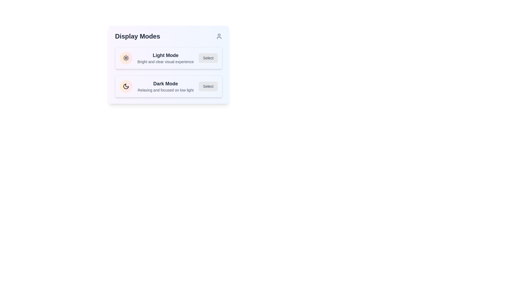 The width and height of the screenshot is (515, 289). What do you see at coordinates (208, 58) in the screenshot?
I see `the 'Select' button, which is a rectangular button with rounded corners and light gray background, located in the 'Light Mode' section of the 'Display Modes' card` at bounding box center [208, 58].